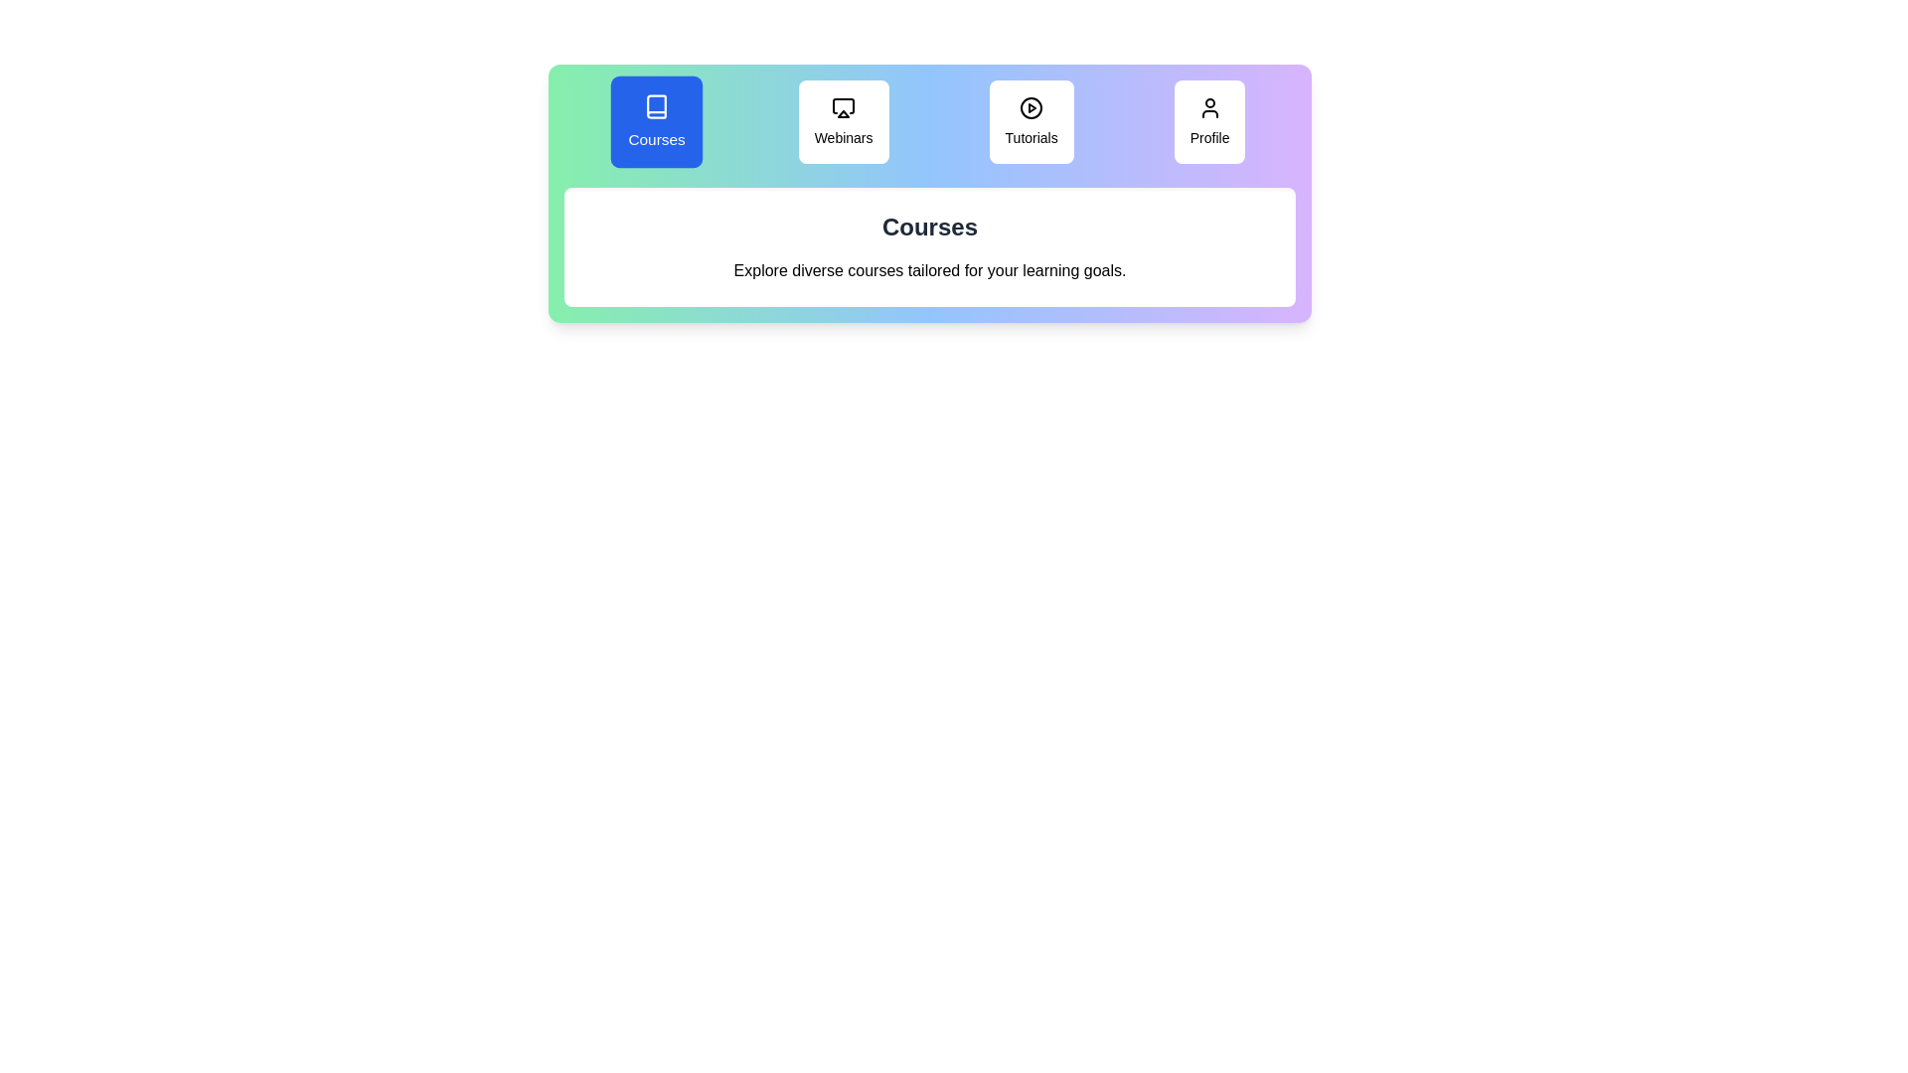 This screenshot has width=1908, height=1073. What do you see at coordinates (844, 122) in the screenshot?
I see `the tab labeled 'Webinars' to view its content` at bounding box center [844, 122].